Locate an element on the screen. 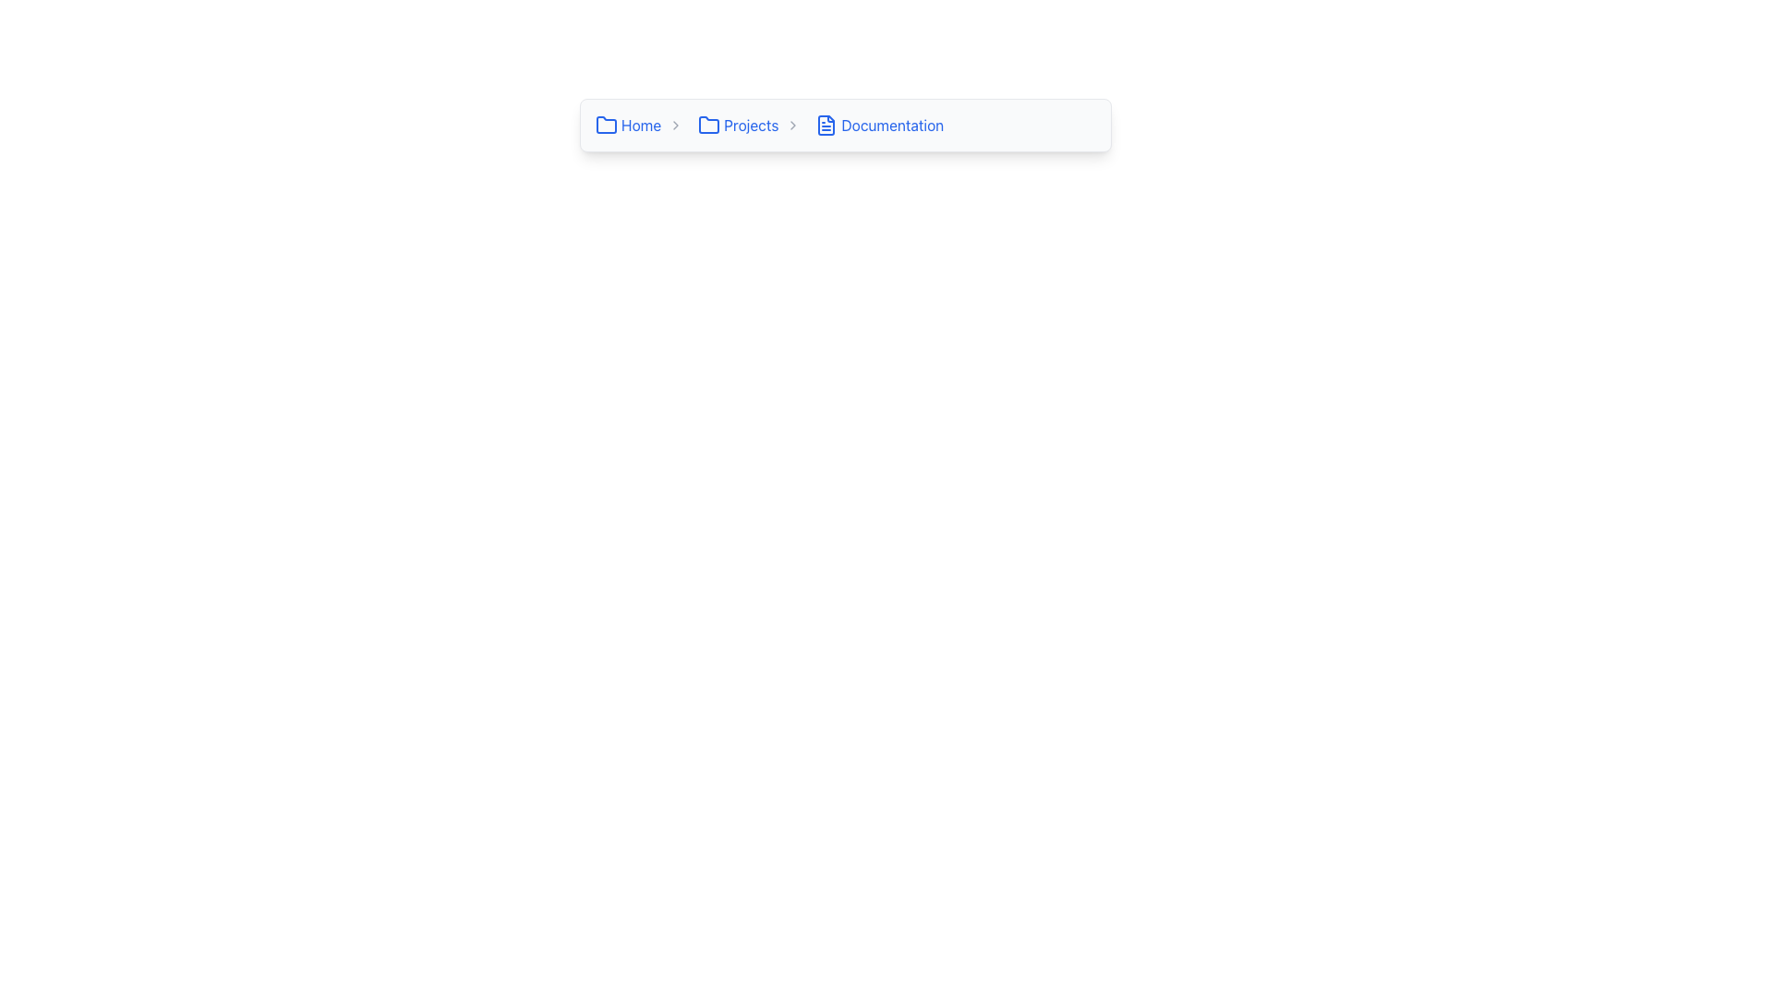 This screenshot has height=997, width=1773. the blue folder icon representing the 'Home' breadcrumb link is located at coordinates (607, 125).